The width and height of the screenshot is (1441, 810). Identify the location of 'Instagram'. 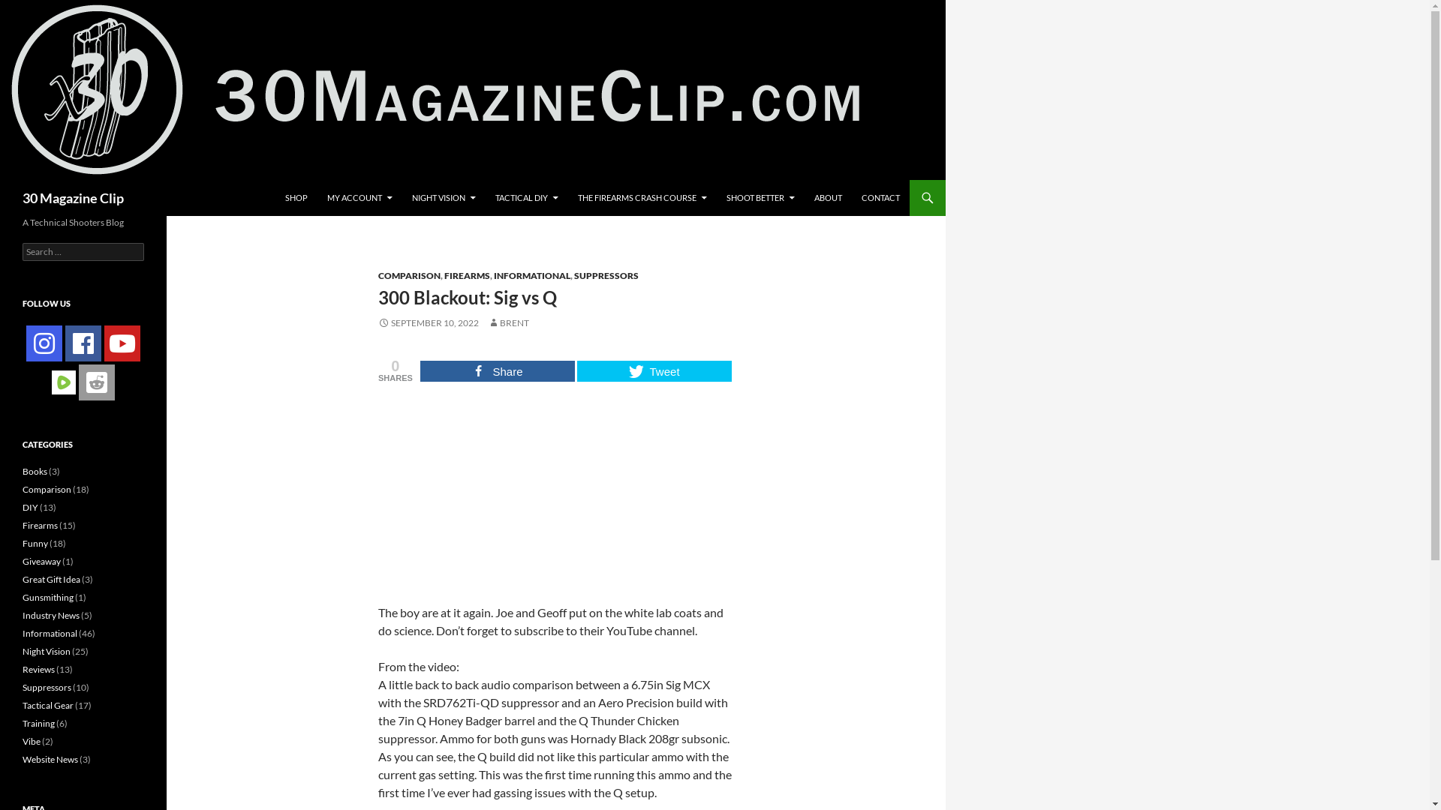
(26, 343).